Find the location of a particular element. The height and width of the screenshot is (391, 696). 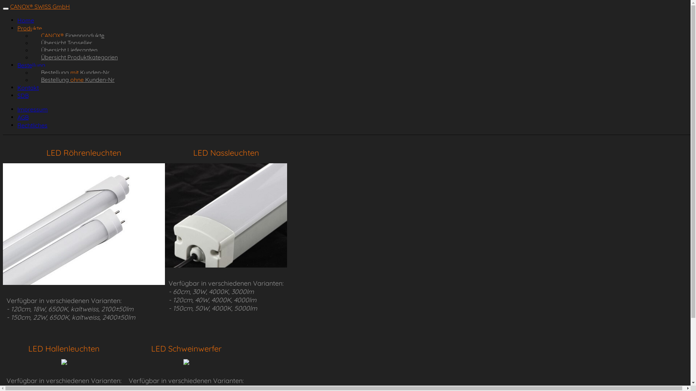

'Bestellung ohne Kunden-Nr' is located at coordinates (78, 79).